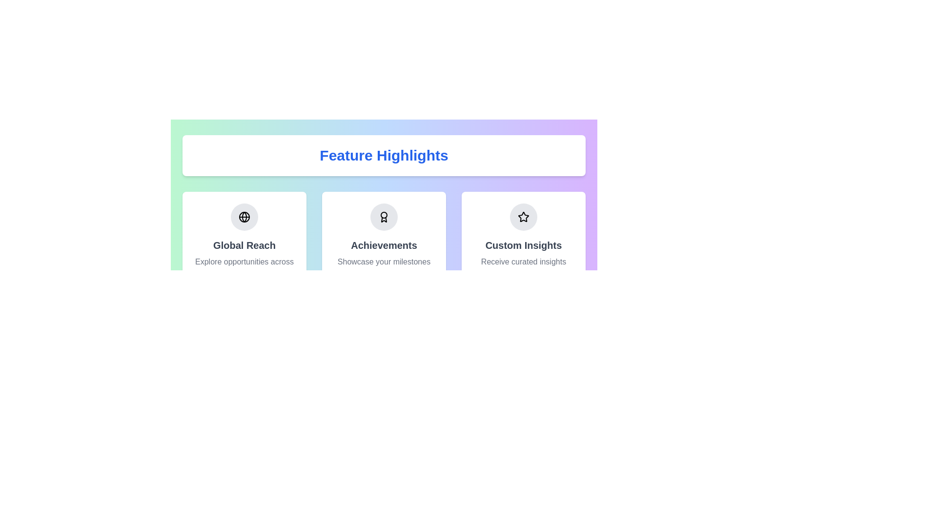 The height and width of the screenshot is (527, 937). I want to click on the icon located centrally above the 'Global Reach' card in the 'Feature Highlights' section of the interface, so click(244, 216).